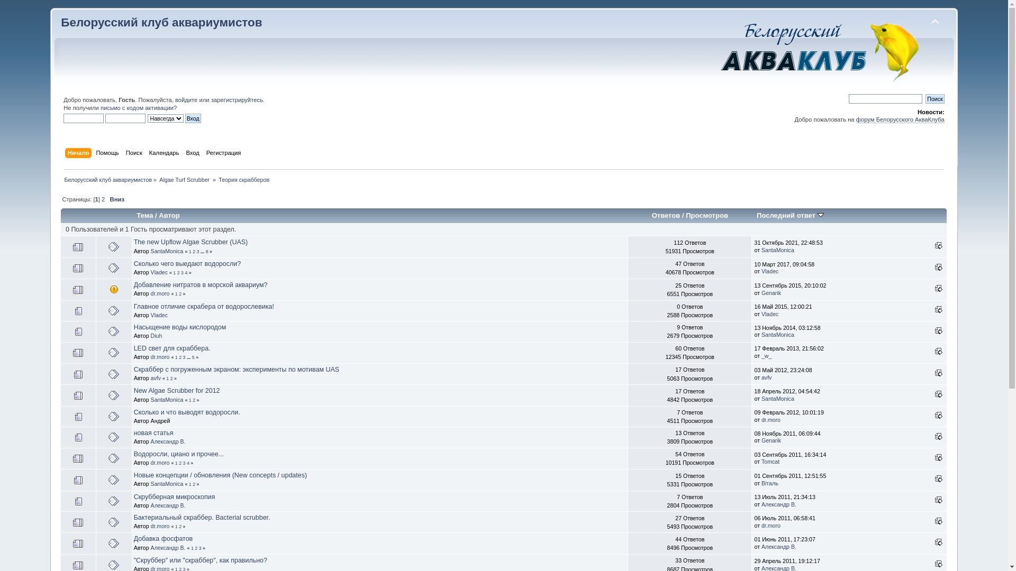  Describe the element at coordinates (176, 526) in the screenshot. I see `'1'` at that location.